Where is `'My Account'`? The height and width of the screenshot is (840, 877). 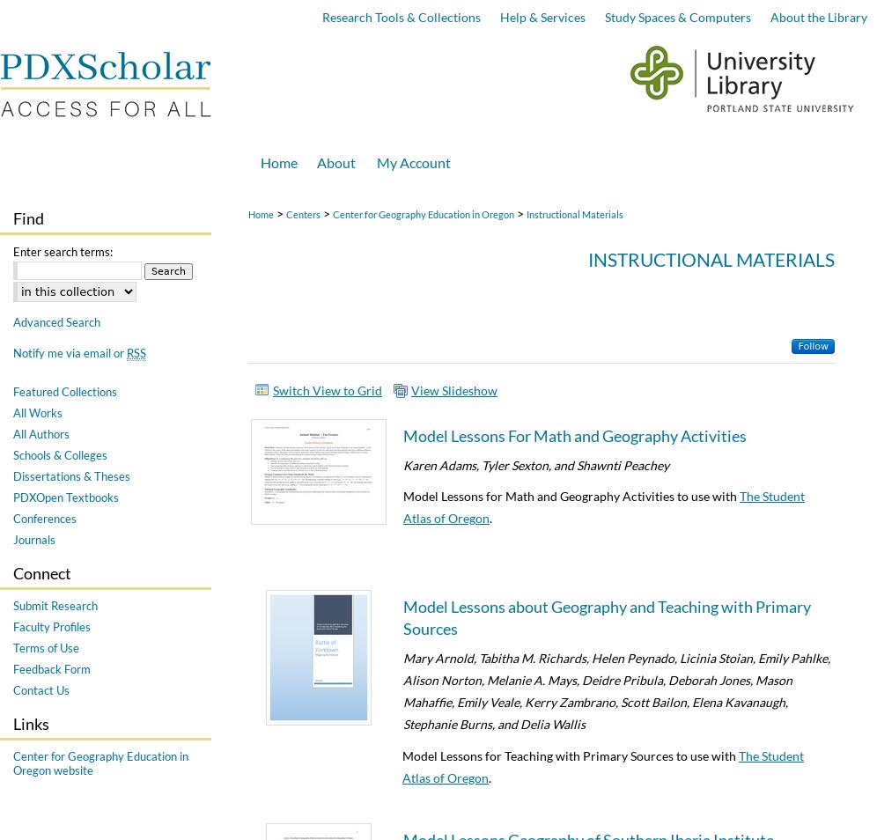
'My Account' is located at coordinates (412, 161).